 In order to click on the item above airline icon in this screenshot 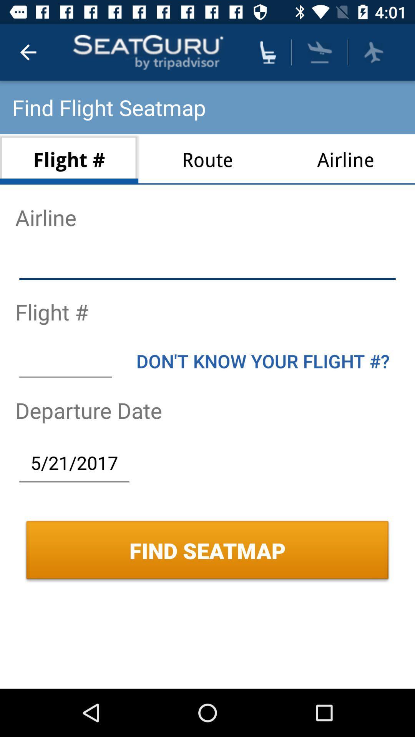, I will do `click(373, 52)`.